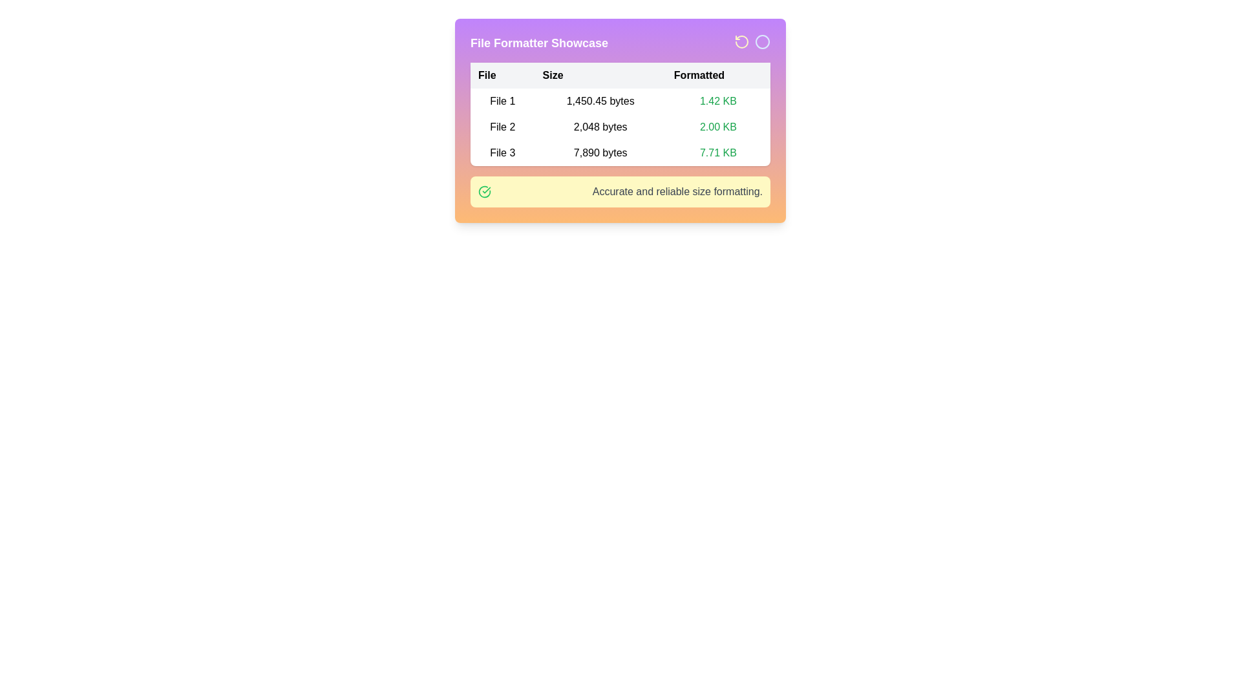 Image resolution: width=1241 pixels, height=698 pixels. I want to click on the third row of the table containing the text 'File 3', '7,890 bytes', and '7.71 KB', where the third piece is styled in green font, so click(620, 152).